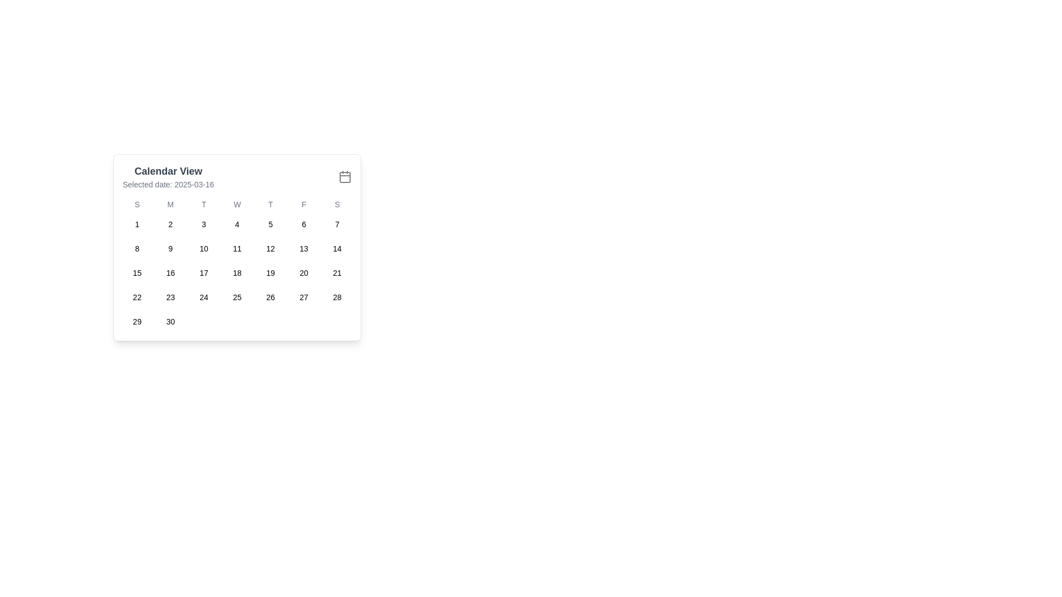 This screenshot has height=597, width=1062. What do you see at coordinates (236, 296) in the screenshot?
I see `the calendar cell displaying the number '25'` at bounding box center [236, 296].